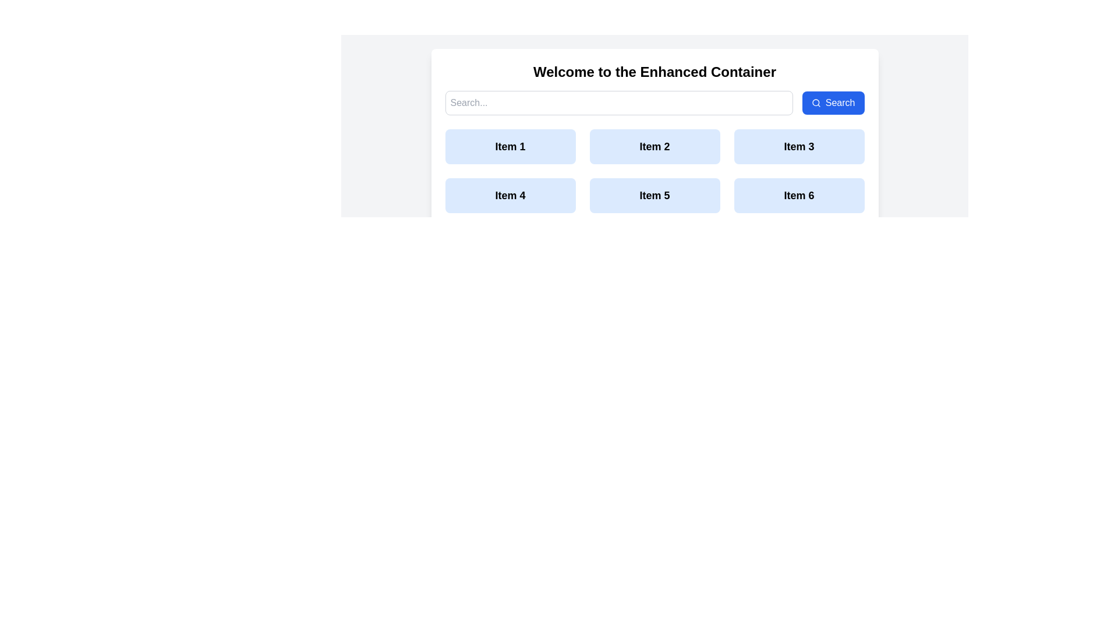 Image resolution: width=1118 pixels, height=629 pixels. Describe the element at coordinates (833, 103) in the screenshot. I see `the search button located in the top-right section near the search bar to observe hover effects` at that location.